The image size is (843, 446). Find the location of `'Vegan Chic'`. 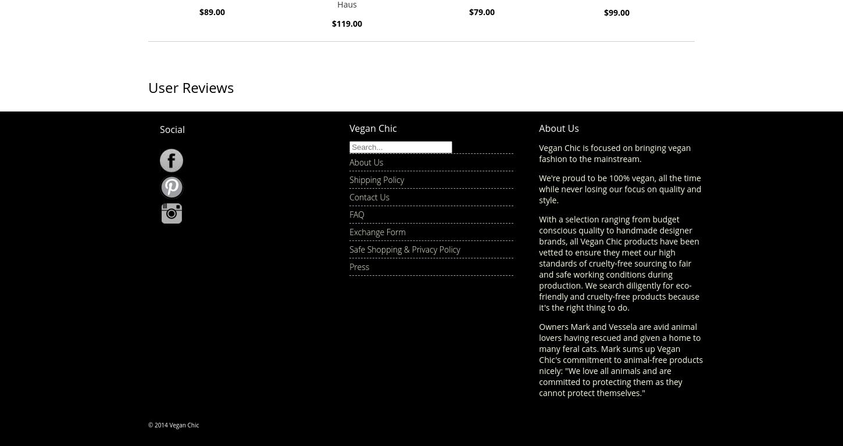

'Vegan Chic' is located at coordinates (372, 127).